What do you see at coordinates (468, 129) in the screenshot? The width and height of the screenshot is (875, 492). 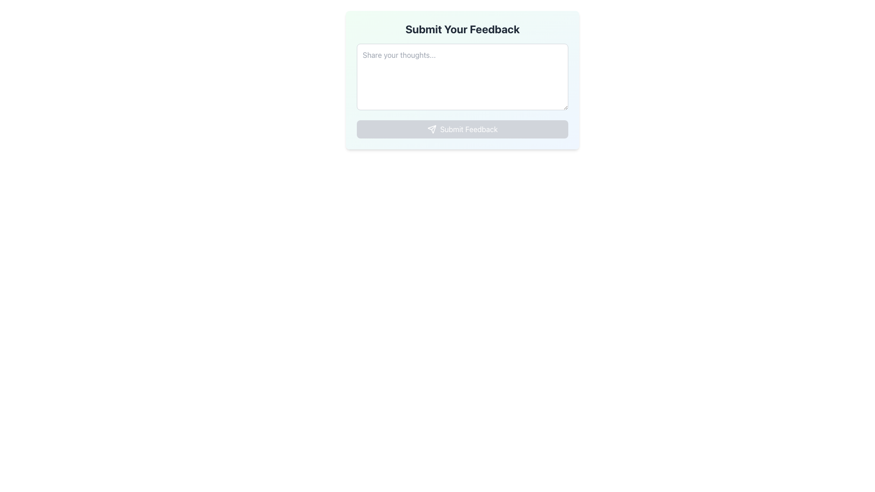 I see `the 'Submit Feedback' button located at the bottom center of the feedback form, which contains descriptive text for submitting user feedback` at bounding box center [468, 129].